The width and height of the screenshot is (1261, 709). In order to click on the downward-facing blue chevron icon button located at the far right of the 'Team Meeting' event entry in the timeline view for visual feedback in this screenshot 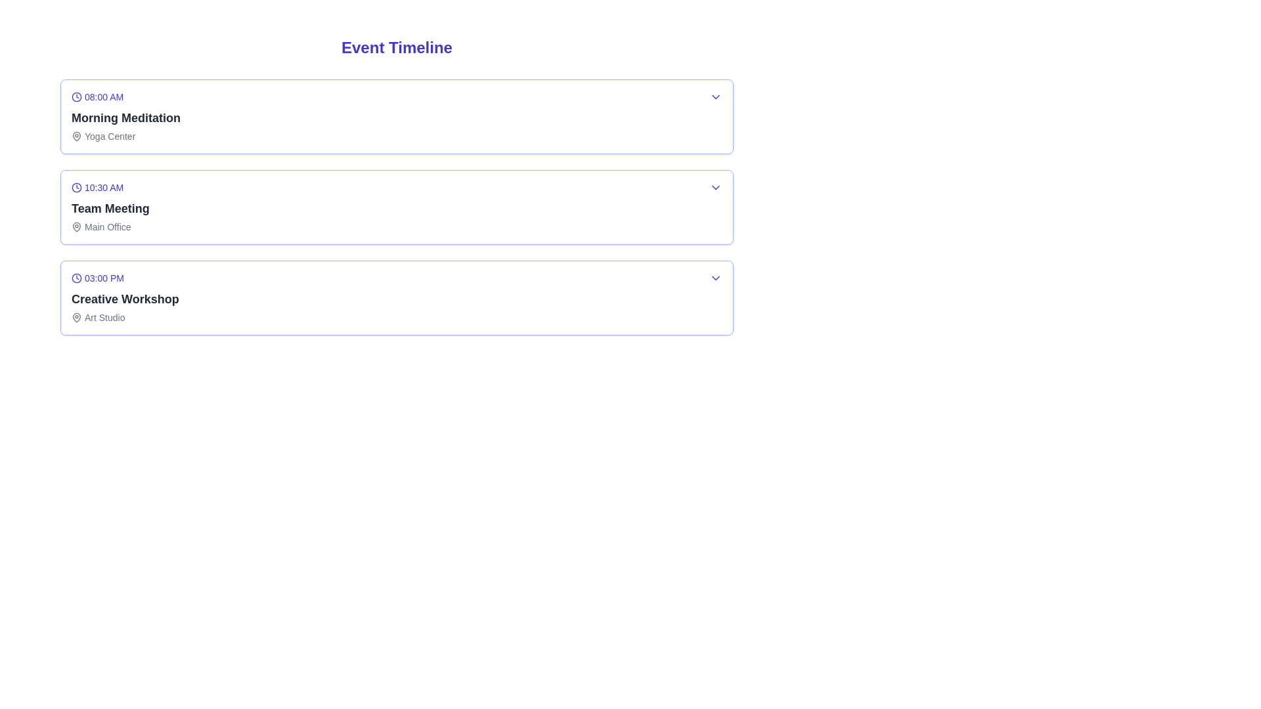, I will do `click(715, 187)`.